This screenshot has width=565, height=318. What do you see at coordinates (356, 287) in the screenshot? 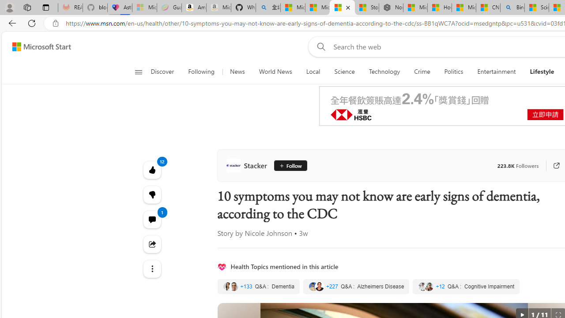
I see `'Alzheimers Disease'` at bounding box center [356, 287].